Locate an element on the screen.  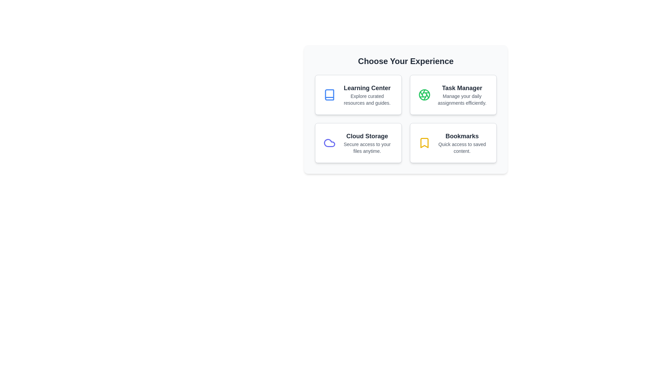
the yellow bookmark icon styled as an SVG graphic located in the bottom-right card of the 'Choose Your Experience' layout, which is part of the 'Bookmarks' section is located at coordinates (424, 142).